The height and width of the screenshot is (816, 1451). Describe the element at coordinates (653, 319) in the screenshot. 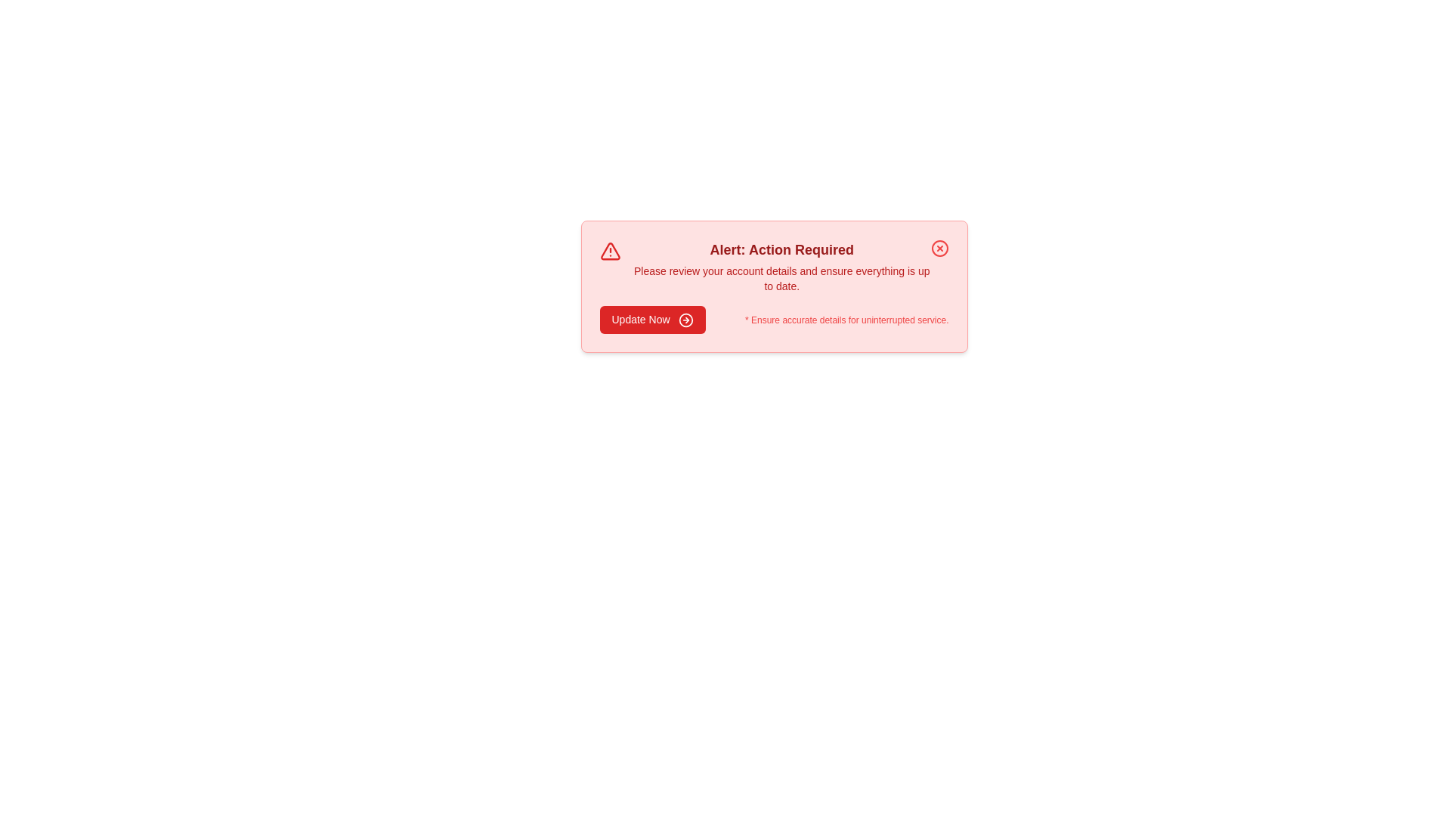

I see `the 'Update Now' button to navigate to account details` at that location.